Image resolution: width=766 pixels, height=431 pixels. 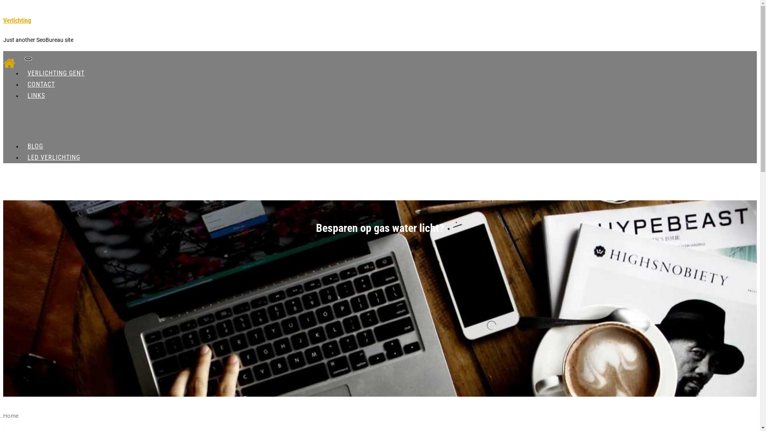 I want to click on 'BLOG', so click(x=35, y=146).